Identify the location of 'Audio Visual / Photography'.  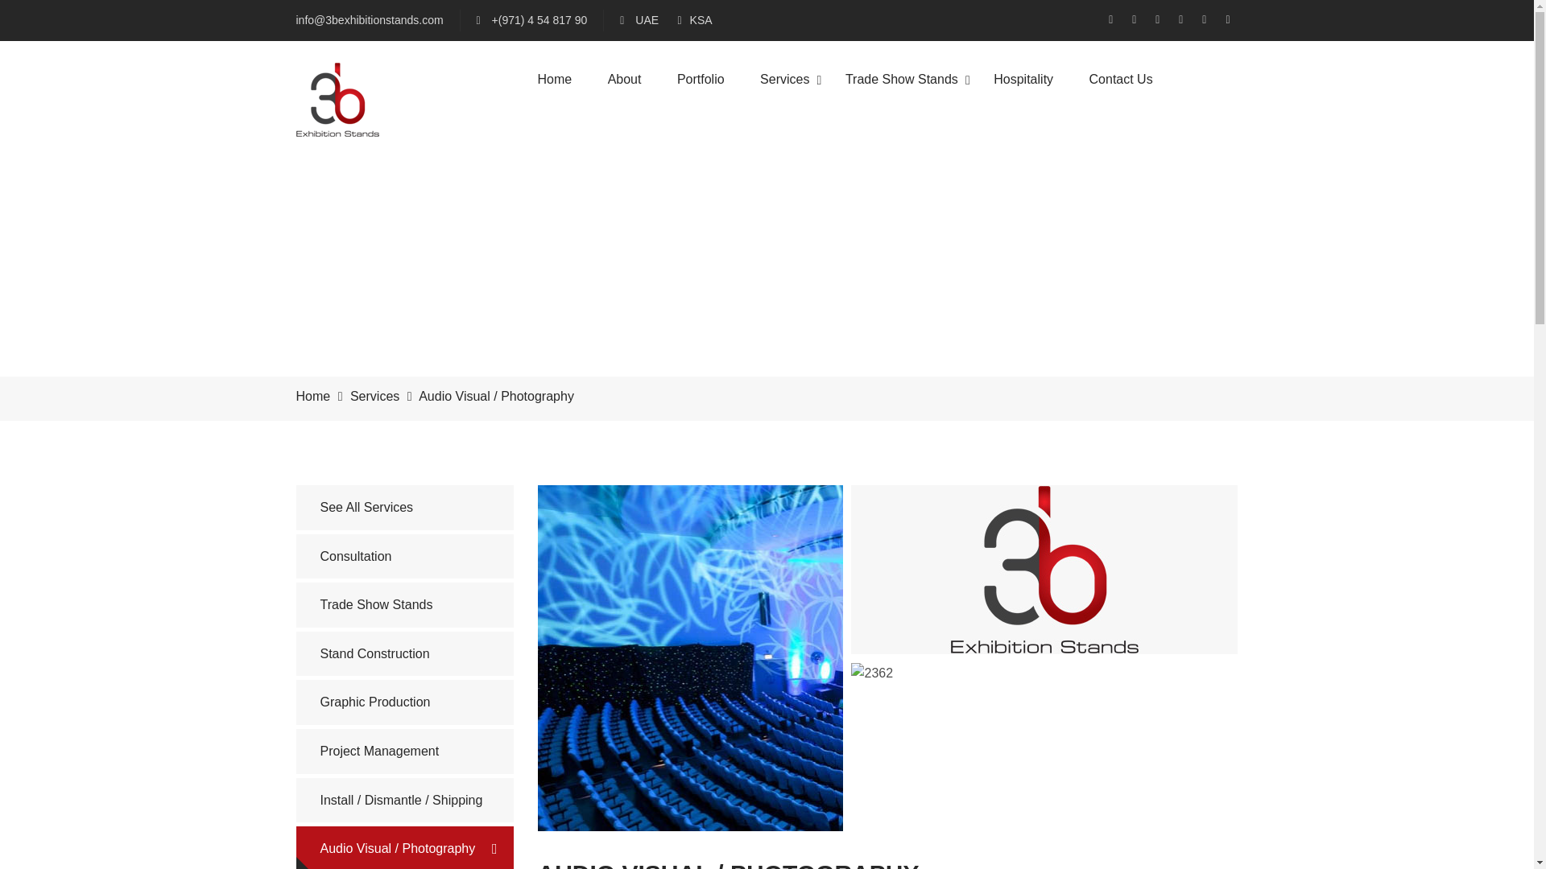
(405, 848).